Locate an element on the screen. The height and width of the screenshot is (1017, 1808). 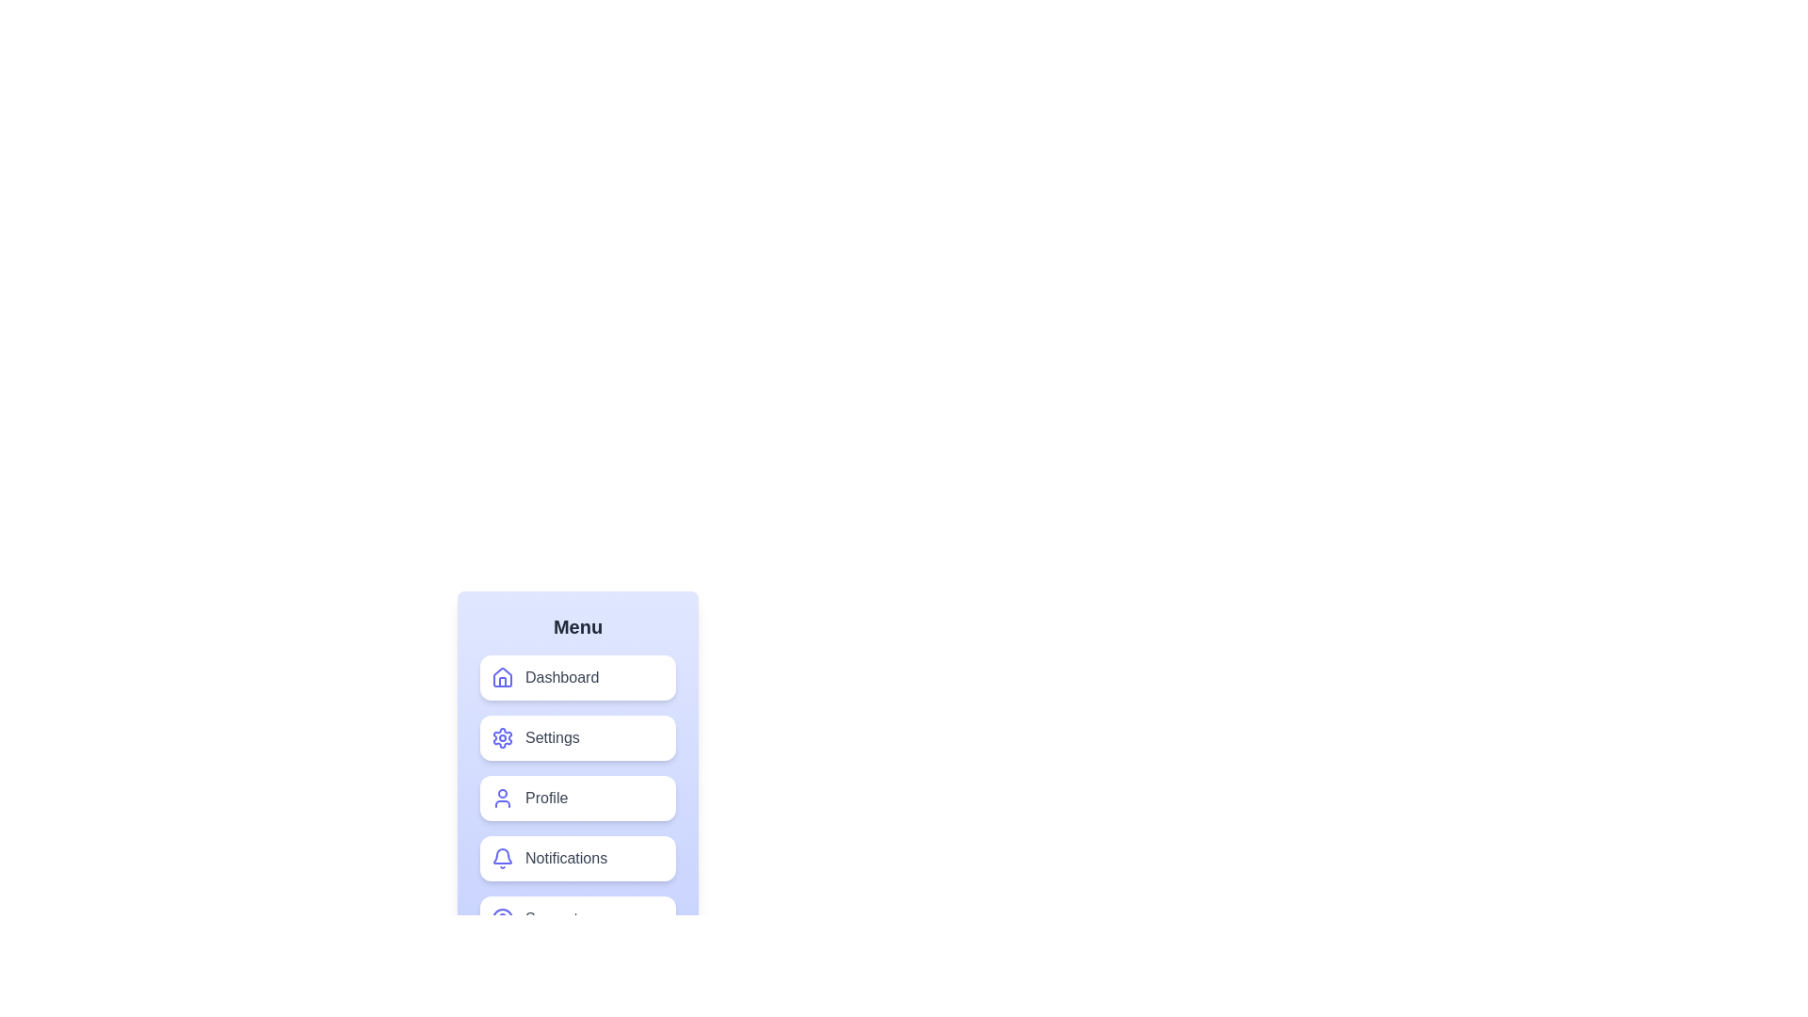
the Notifications button located in the vertical menu panel, which is the fourth item from the top, to change its background color is located at coordinates (577, 858).